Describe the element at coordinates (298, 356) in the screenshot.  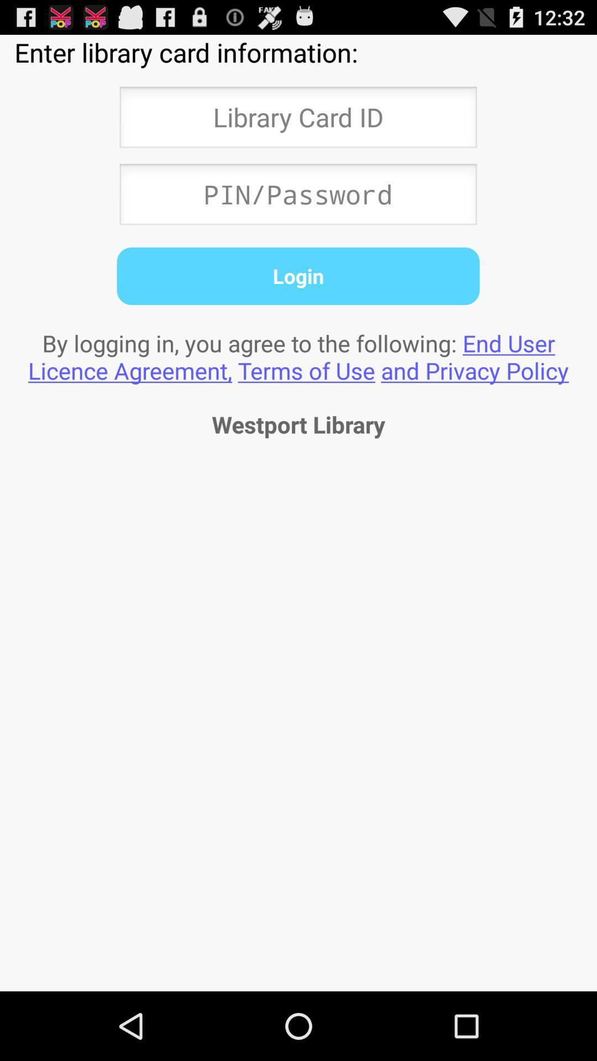
I see `the by logging in` at that location.